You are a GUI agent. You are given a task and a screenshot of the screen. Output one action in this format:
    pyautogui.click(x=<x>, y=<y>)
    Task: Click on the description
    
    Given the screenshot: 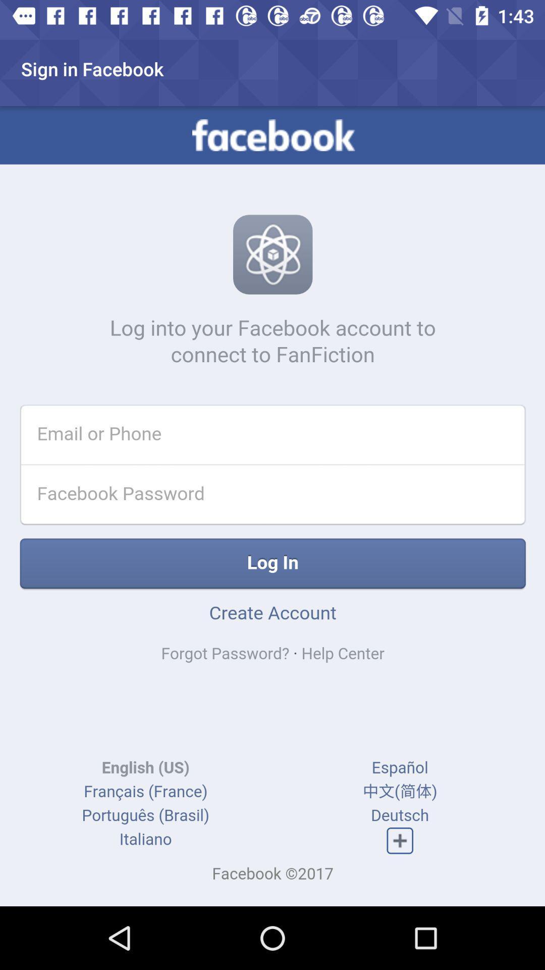 What is the action you would take?
    pyautogui.click(x=272, y=506)
    